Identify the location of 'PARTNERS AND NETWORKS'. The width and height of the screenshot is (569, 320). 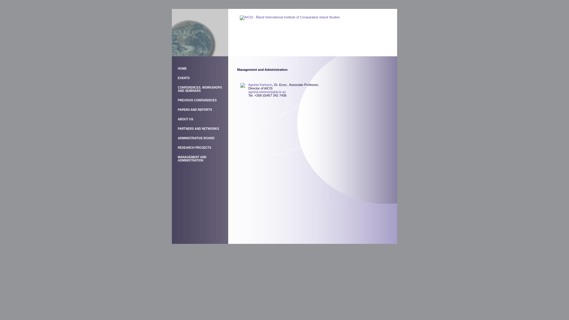
(198, 128).